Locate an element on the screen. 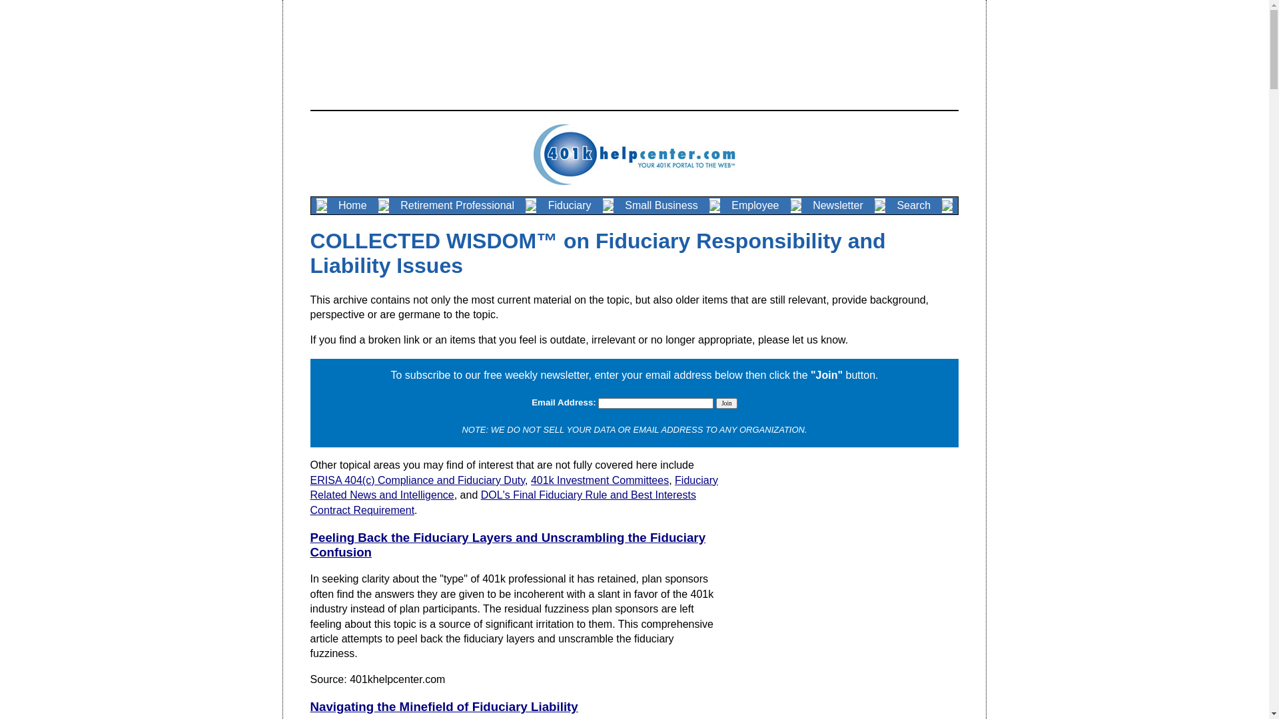 This screenshot has width=1279, height=719. '   Employee   ' is located at coordinates (755, 205).